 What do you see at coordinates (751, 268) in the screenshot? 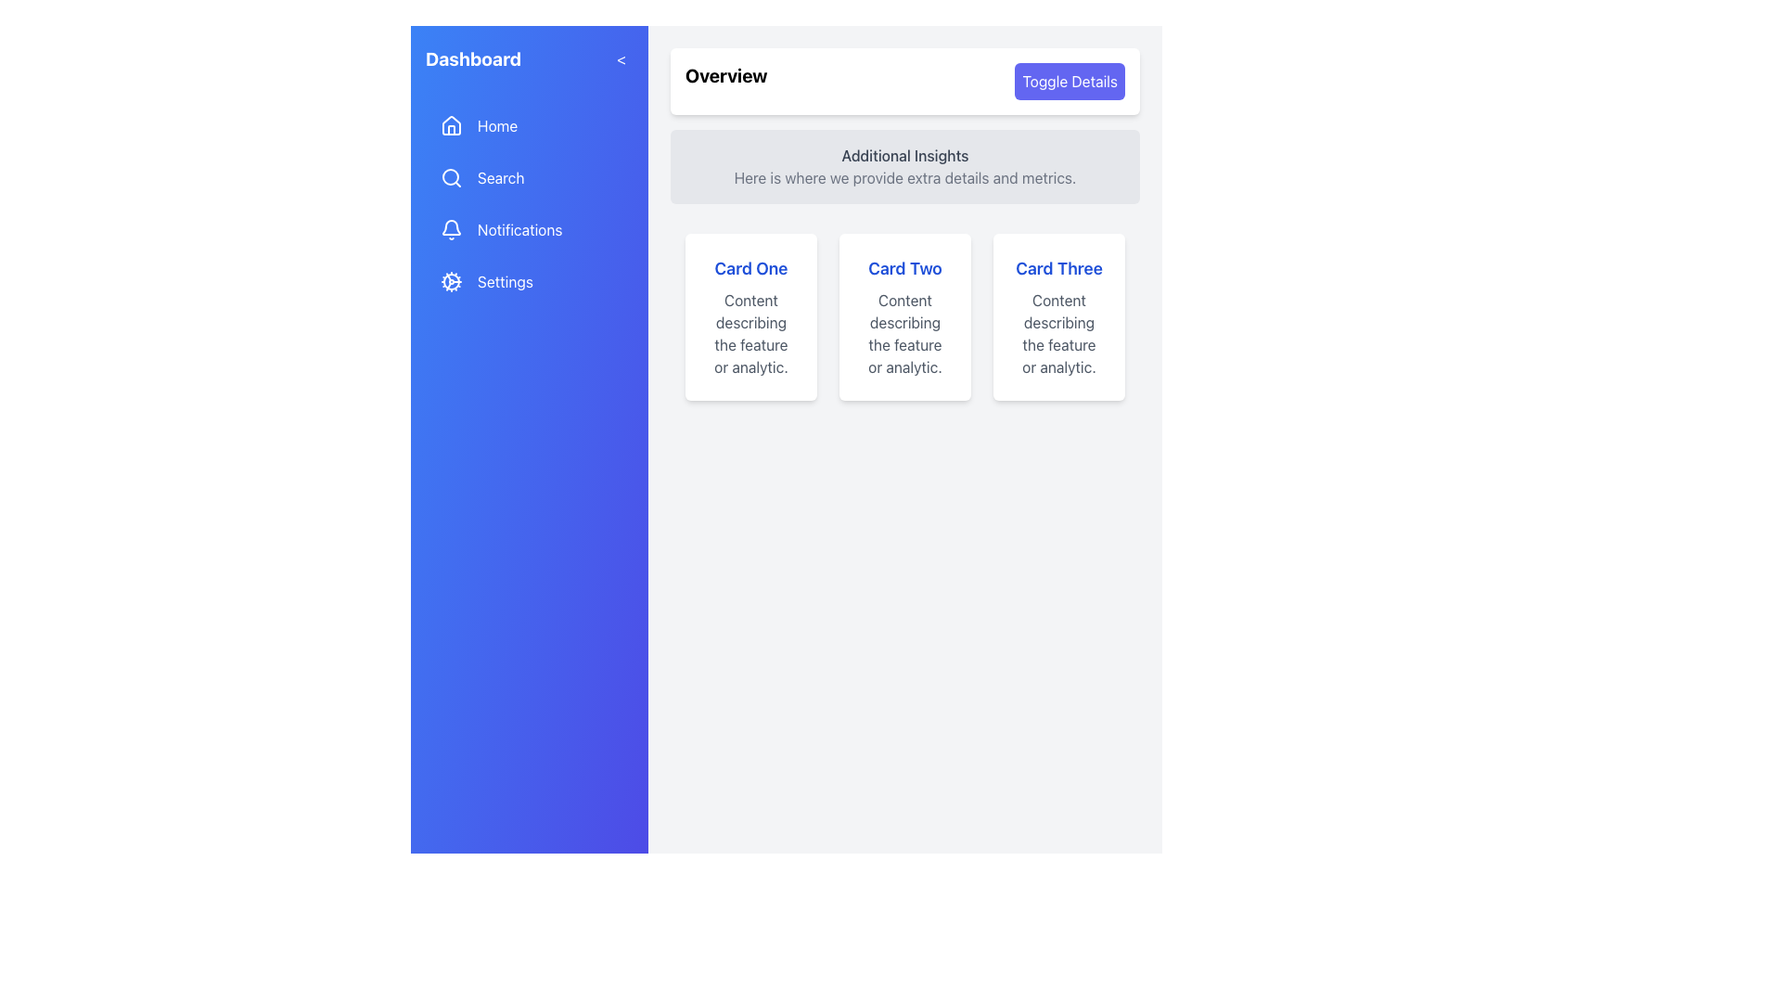
I see `the blue-colored, bold text labeled 'Card One' located at the top of the first card, which is positioned immediately below the 'Additional Insights' section` at bounding box center [751, 268].